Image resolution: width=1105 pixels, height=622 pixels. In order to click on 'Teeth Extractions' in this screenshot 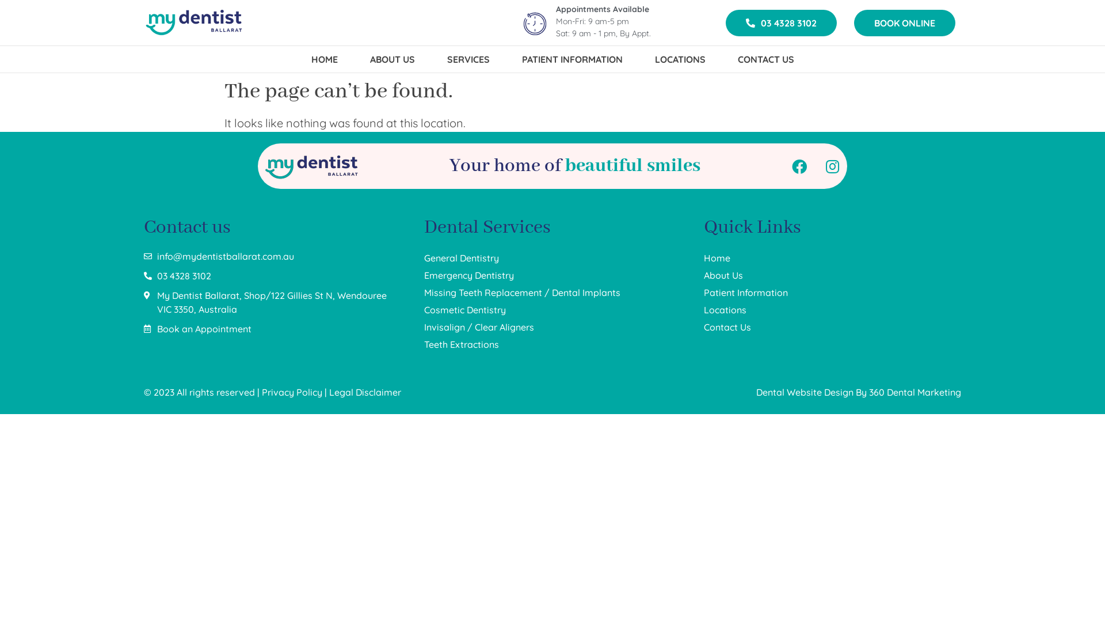, I will do `click(424, 343)`.